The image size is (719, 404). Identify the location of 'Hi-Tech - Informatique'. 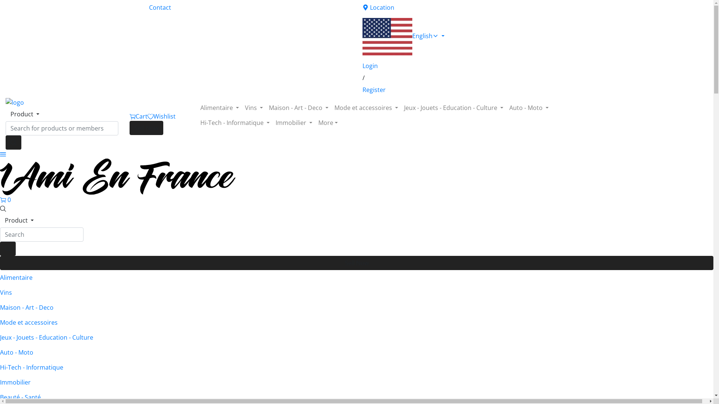
(234, 122).